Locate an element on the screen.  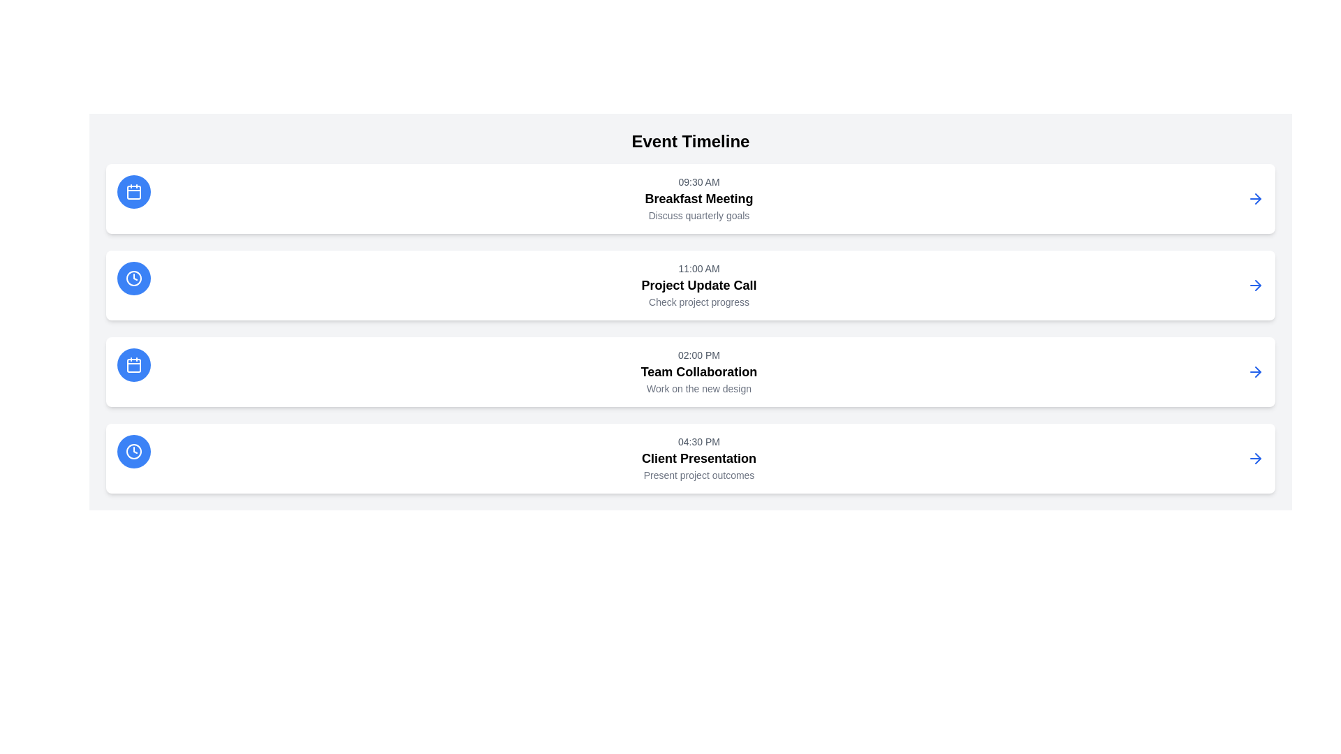
the light gray text displaying '04:30 PM' to copy it, which is located above the heading 'Client Presentation' is located at coordinates (699, 441).